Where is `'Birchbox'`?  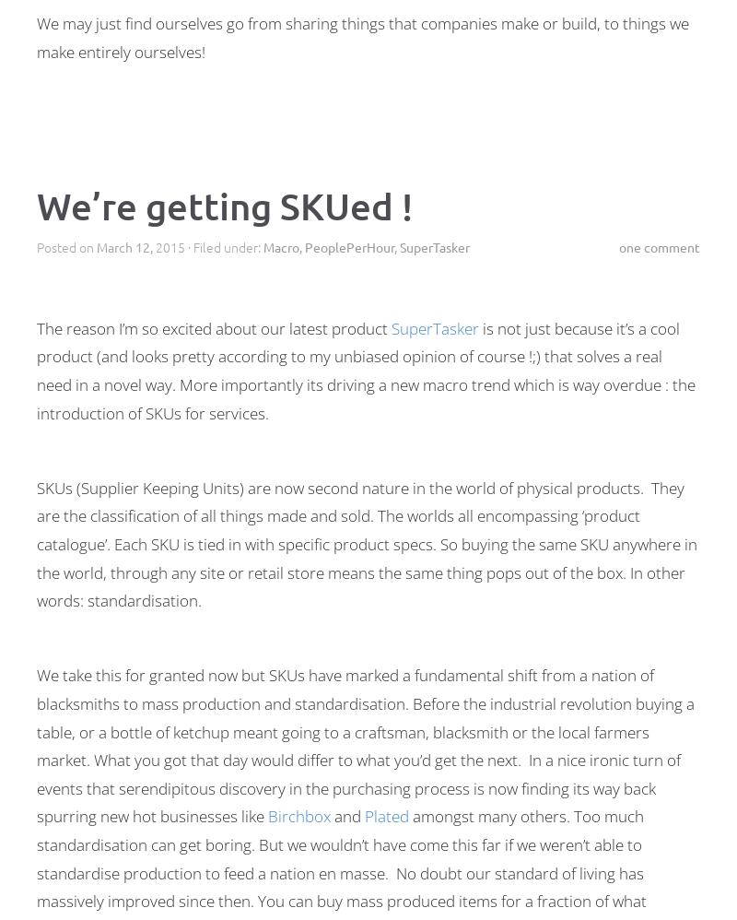
'Birchbox' is located at coordinates (298, 815).